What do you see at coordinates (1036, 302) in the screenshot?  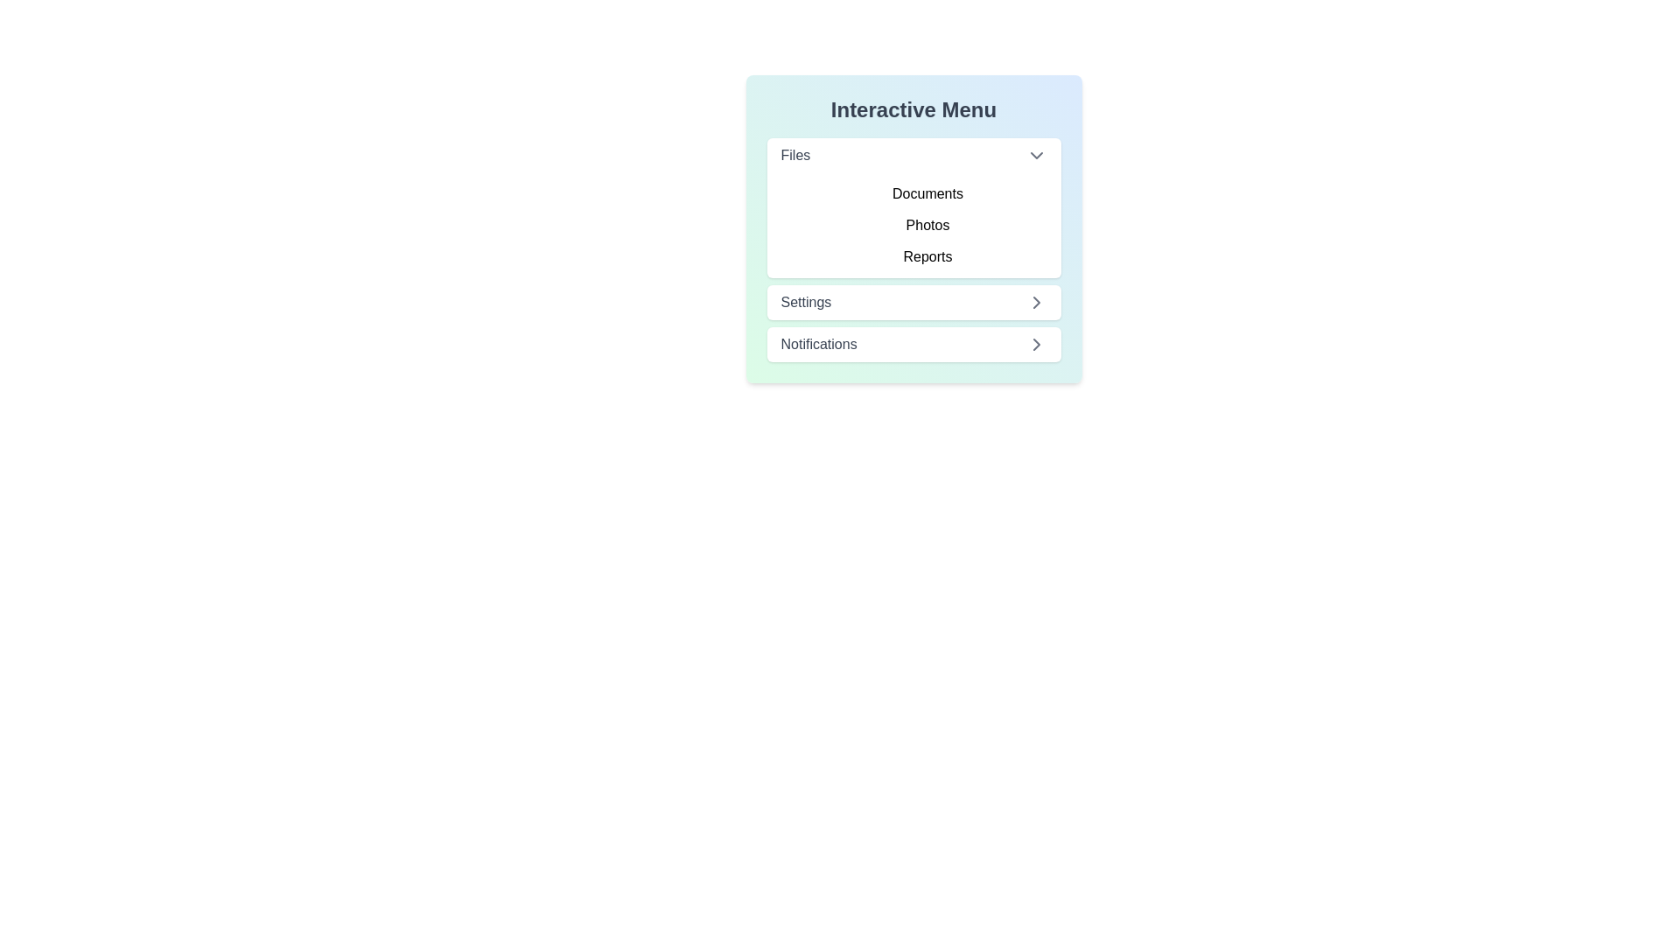 I see `the navigation arrow to proceed to the linked section` at bounding box center [1036, 302].